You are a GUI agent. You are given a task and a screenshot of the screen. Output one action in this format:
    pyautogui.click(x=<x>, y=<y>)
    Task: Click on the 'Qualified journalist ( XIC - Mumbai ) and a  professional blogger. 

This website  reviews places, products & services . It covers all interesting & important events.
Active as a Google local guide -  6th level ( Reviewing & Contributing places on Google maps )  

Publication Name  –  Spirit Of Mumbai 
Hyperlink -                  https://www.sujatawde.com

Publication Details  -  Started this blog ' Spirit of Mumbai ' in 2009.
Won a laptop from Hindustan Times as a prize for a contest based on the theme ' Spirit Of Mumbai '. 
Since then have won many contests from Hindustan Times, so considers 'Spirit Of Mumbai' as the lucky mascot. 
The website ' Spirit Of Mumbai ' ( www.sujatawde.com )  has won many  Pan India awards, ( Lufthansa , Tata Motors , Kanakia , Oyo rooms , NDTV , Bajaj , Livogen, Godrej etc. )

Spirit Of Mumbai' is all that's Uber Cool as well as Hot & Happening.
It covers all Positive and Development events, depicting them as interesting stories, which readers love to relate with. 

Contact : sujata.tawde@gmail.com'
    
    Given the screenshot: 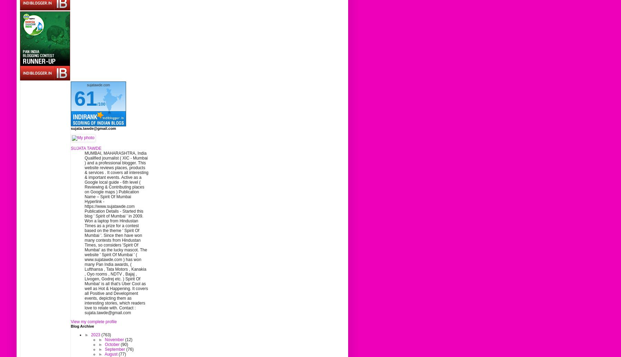 What is the action you would take?
    pyautogui.click(x=116, y=235)
    